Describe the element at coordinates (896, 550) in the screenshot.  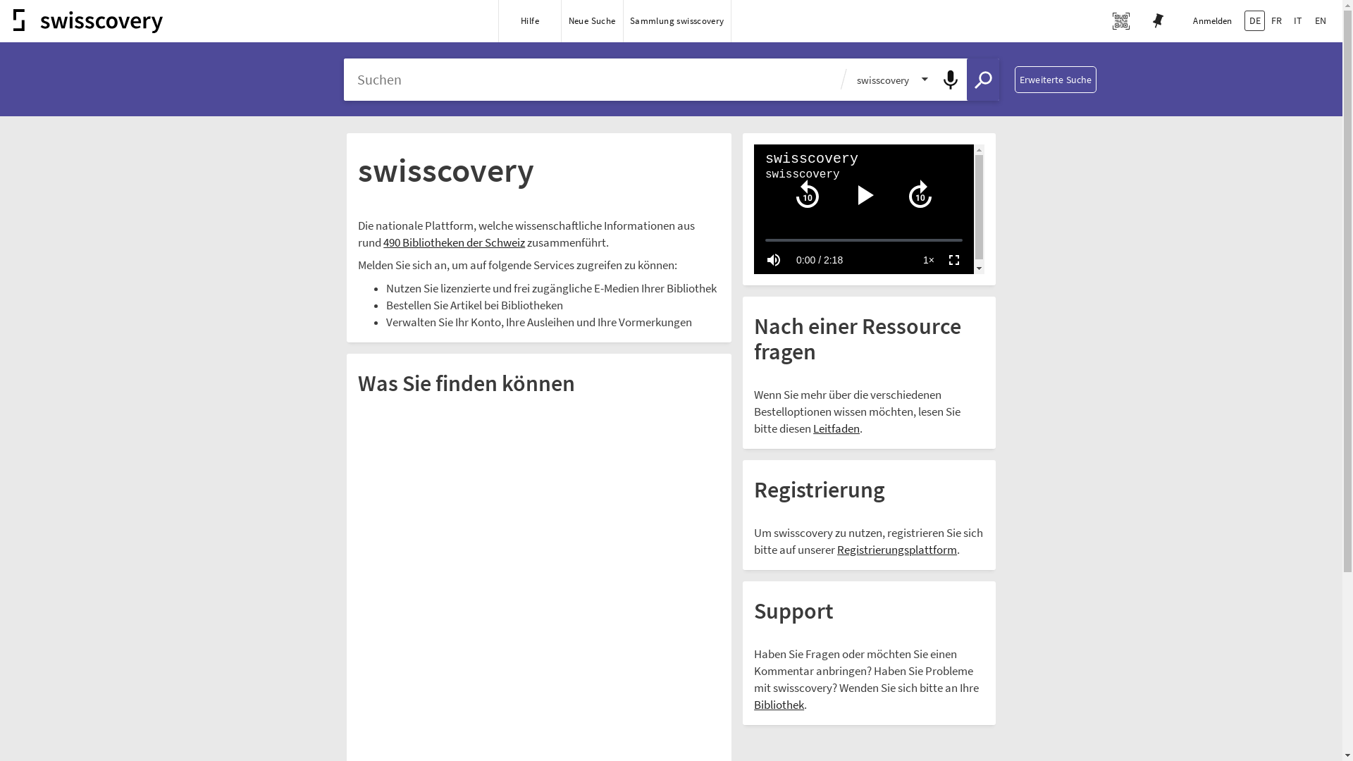
I see `'Registrierungsplattform'` at that location.